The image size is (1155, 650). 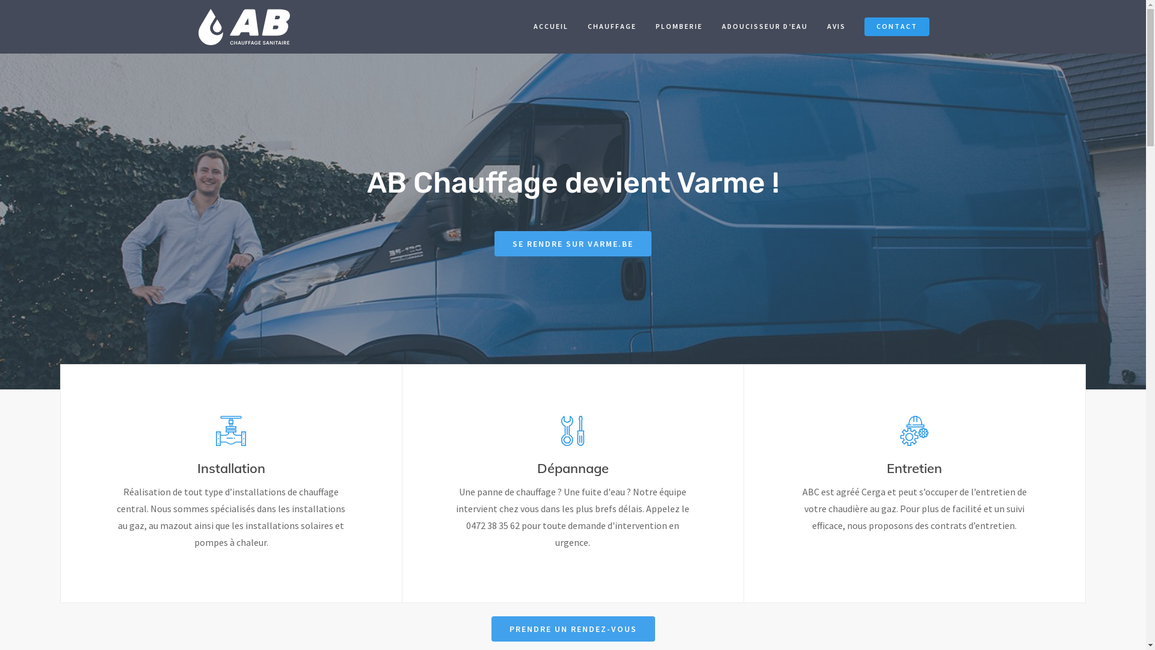 What do you see at coordinates (571, 628) in the screenshot?
I see `'PRENDRE UN RENDEZ-VOUS'` at bounding box center [571, 628].